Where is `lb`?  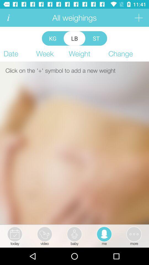
lb is located at coordinates (74, 38).